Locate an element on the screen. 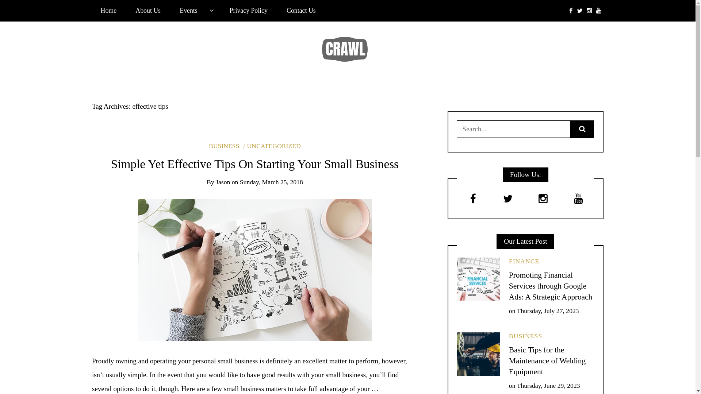 The height and width of the screenshot is (394, 701). 'Contact Us' is located at coordinates (301, 11).